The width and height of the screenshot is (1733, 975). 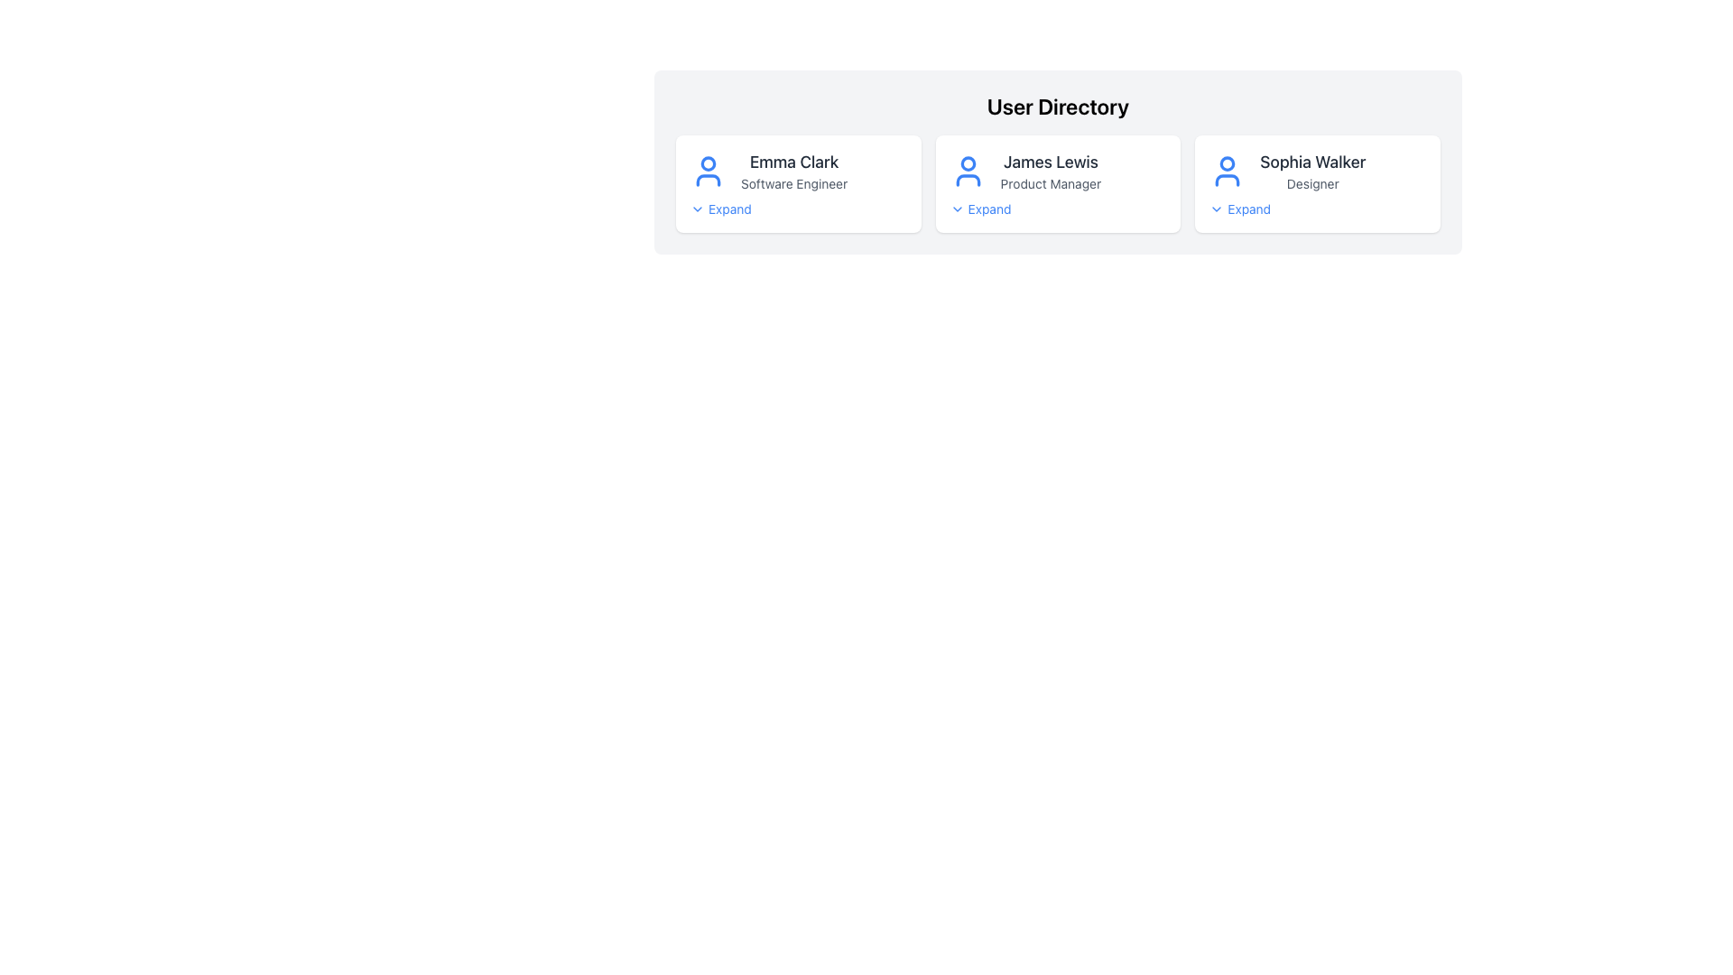 What do you see at coordinates (1058, 171) in the screenshot?
I see `the Information Display Card featuring the profile icon and the name 'James Lewis', which is the middle element in the User Directory` at bounding box center [1058, 171].